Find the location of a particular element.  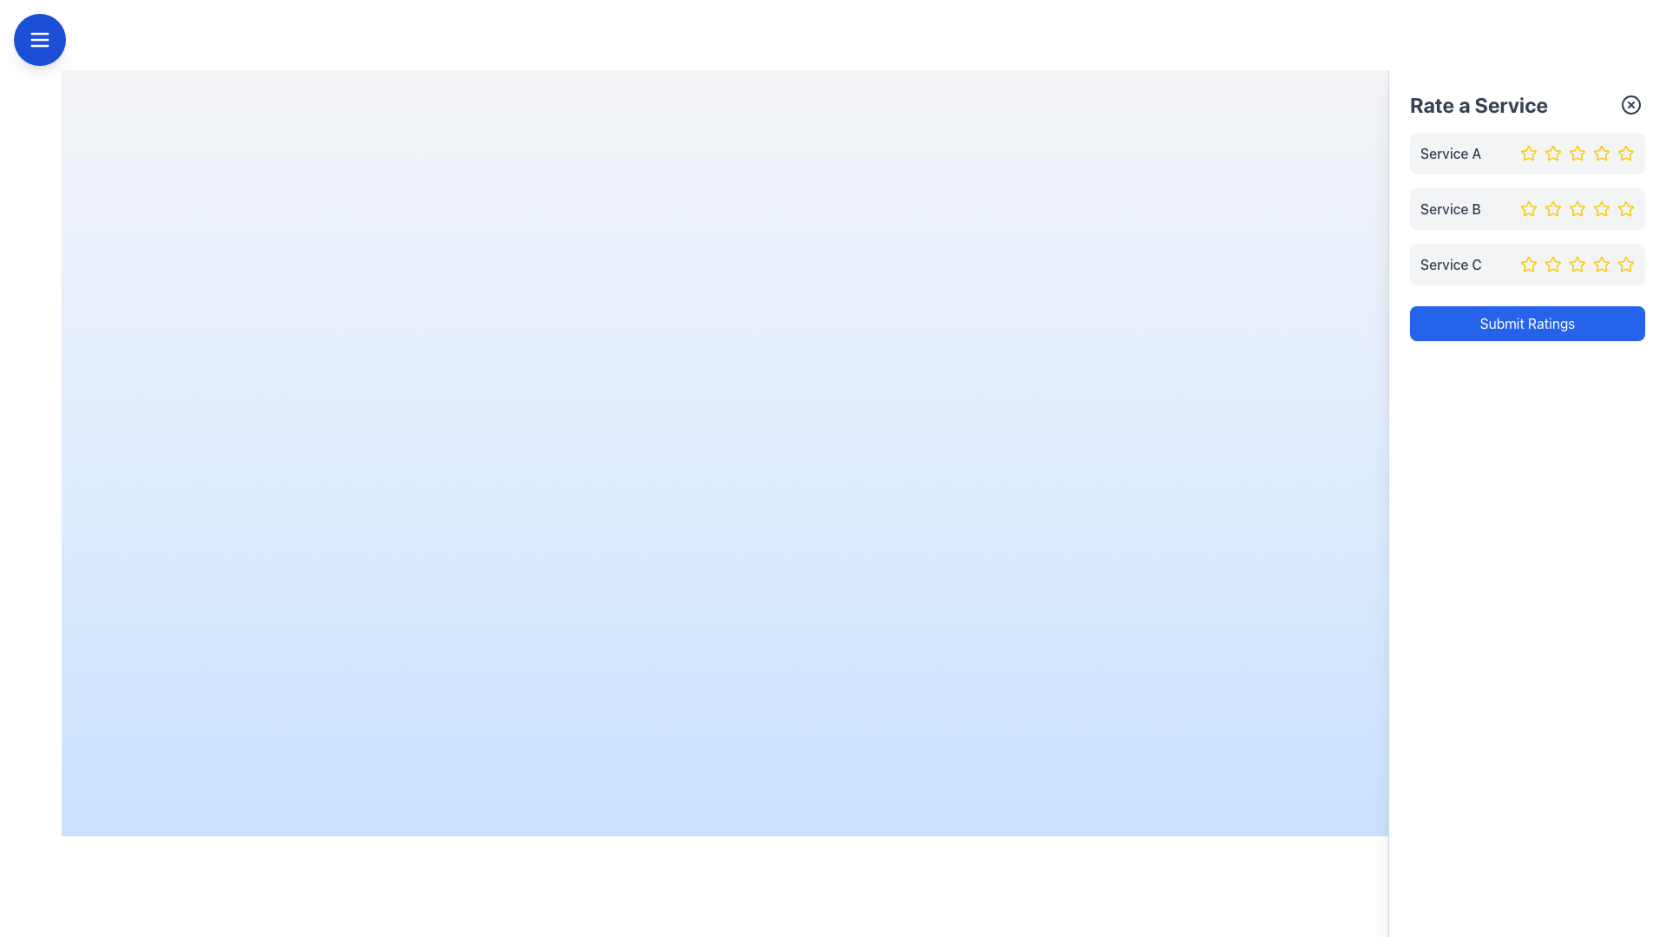

the circular close button in the top-right corner of the 'Rate a Service' panel to close the panel is located at coordinates (1630, 104).